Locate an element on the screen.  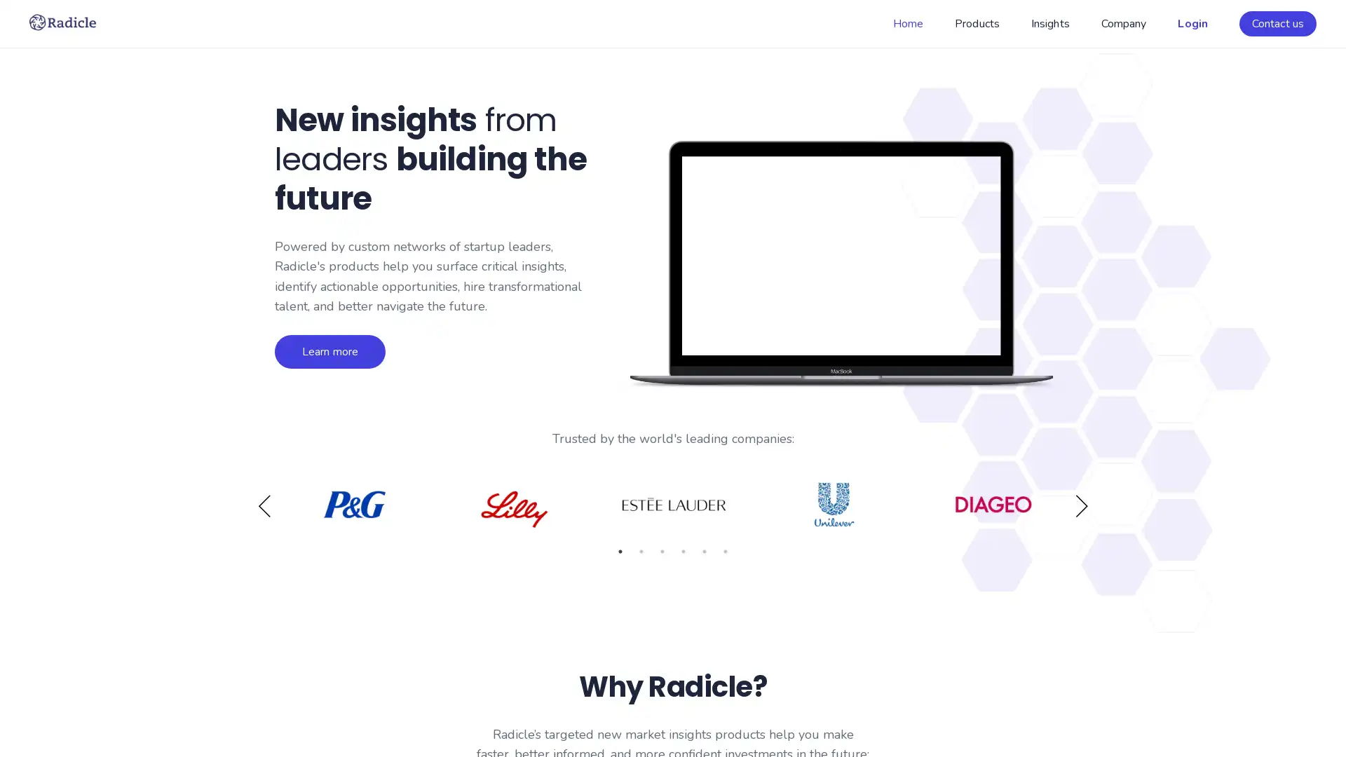
4 is located at coordinates (683, 550).